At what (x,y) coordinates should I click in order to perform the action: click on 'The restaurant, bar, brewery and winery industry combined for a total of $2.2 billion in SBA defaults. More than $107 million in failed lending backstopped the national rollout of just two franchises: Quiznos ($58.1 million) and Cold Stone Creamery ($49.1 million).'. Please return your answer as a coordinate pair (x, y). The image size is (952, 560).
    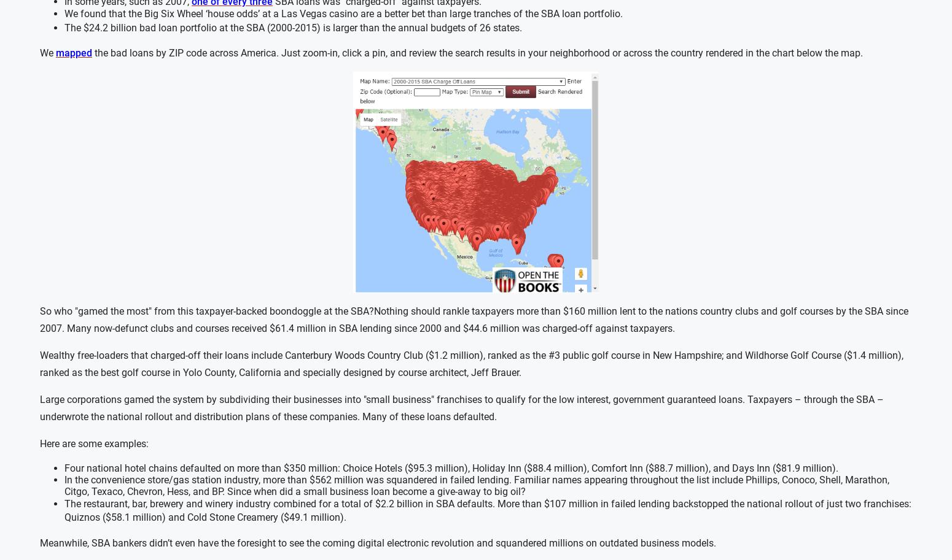
    Looking at the image, I should click on (487, 510).